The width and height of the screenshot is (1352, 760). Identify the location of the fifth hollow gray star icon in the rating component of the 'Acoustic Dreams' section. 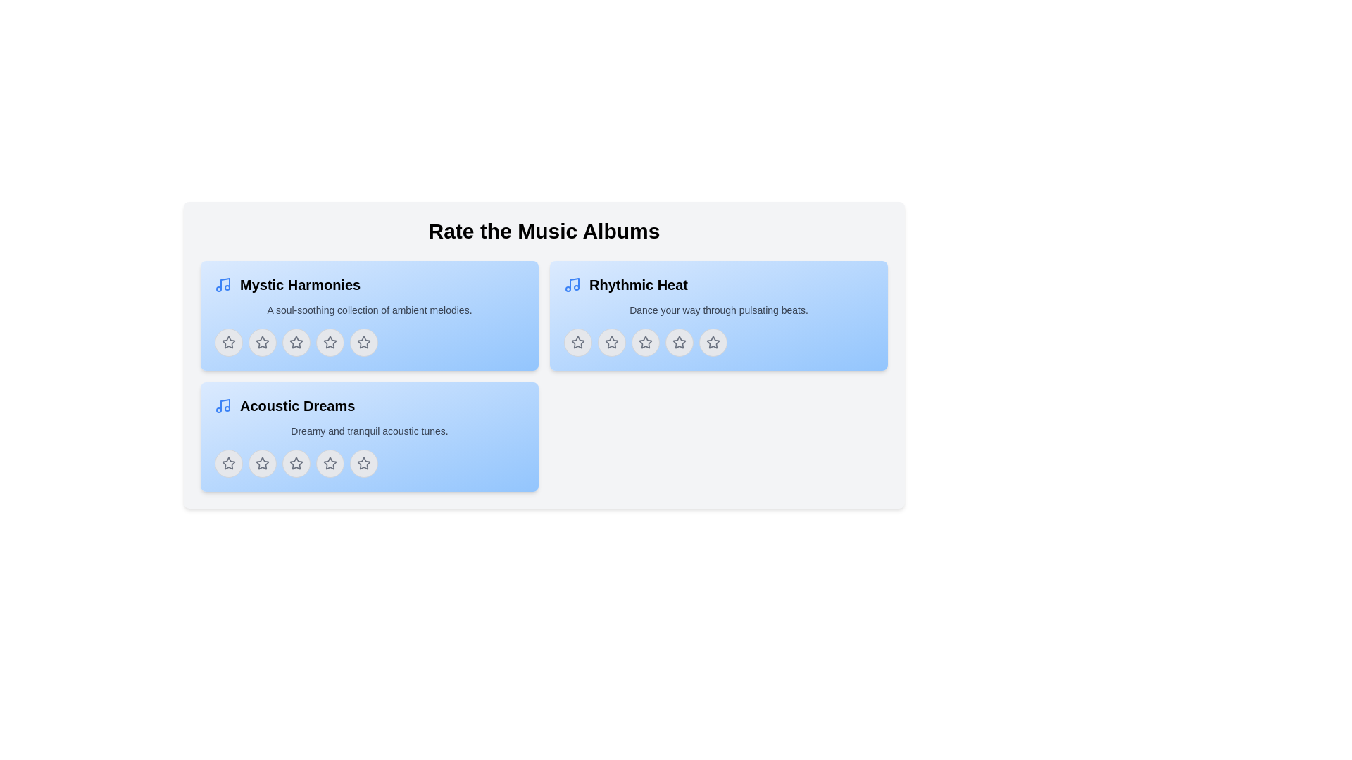
(364, 464).